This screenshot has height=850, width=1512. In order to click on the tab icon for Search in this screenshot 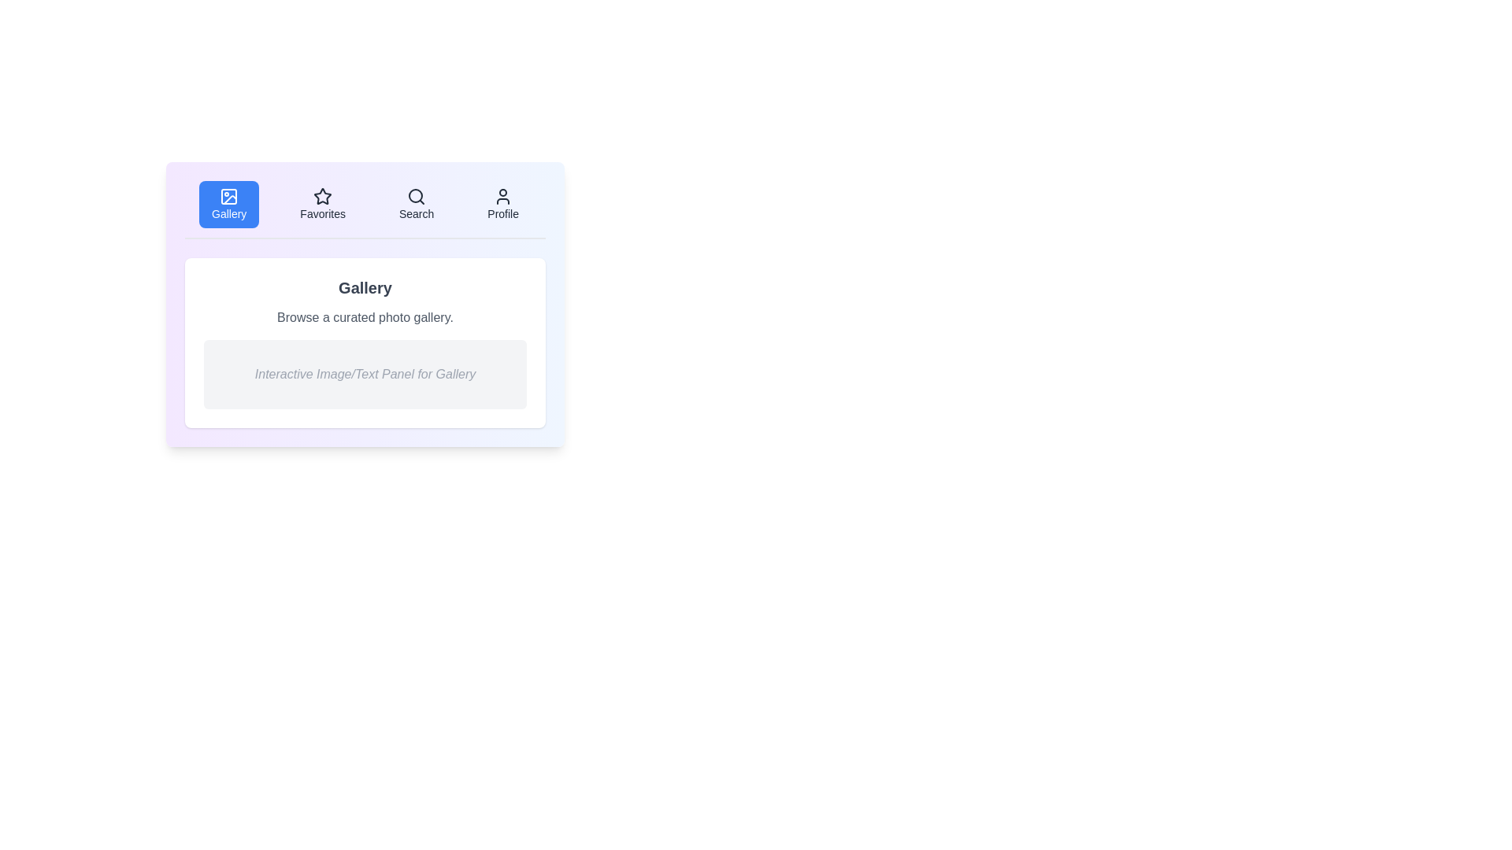, I will do `click(416, 196)`.